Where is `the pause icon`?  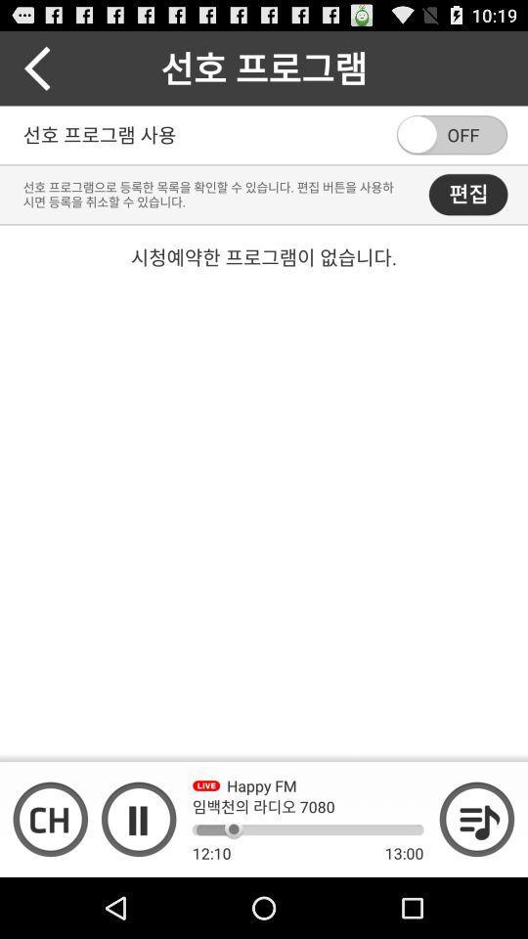
the pause icon is located at coordinates (138, 875).